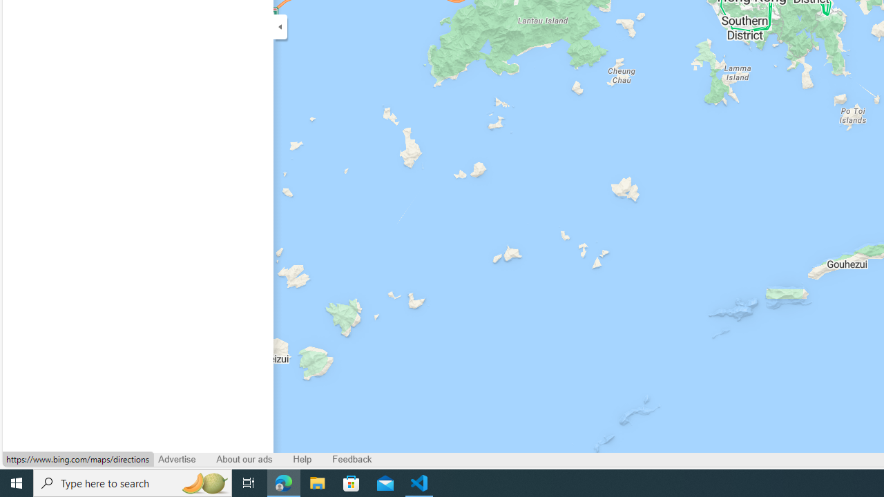  Describe the element at coordinates (302, 460) in the screenshot. I see `'Help'` at that location.